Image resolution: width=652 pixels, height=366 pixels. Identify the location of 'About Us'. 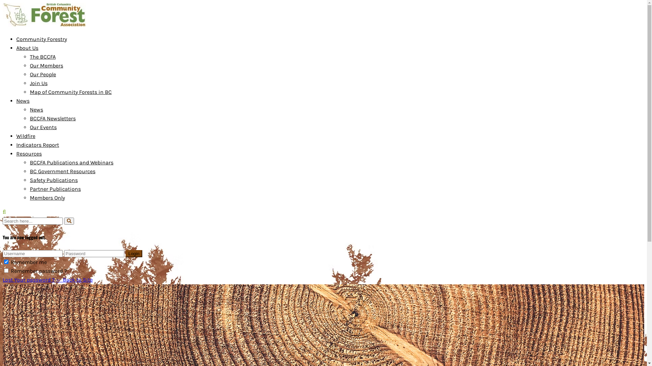
(27, 47).